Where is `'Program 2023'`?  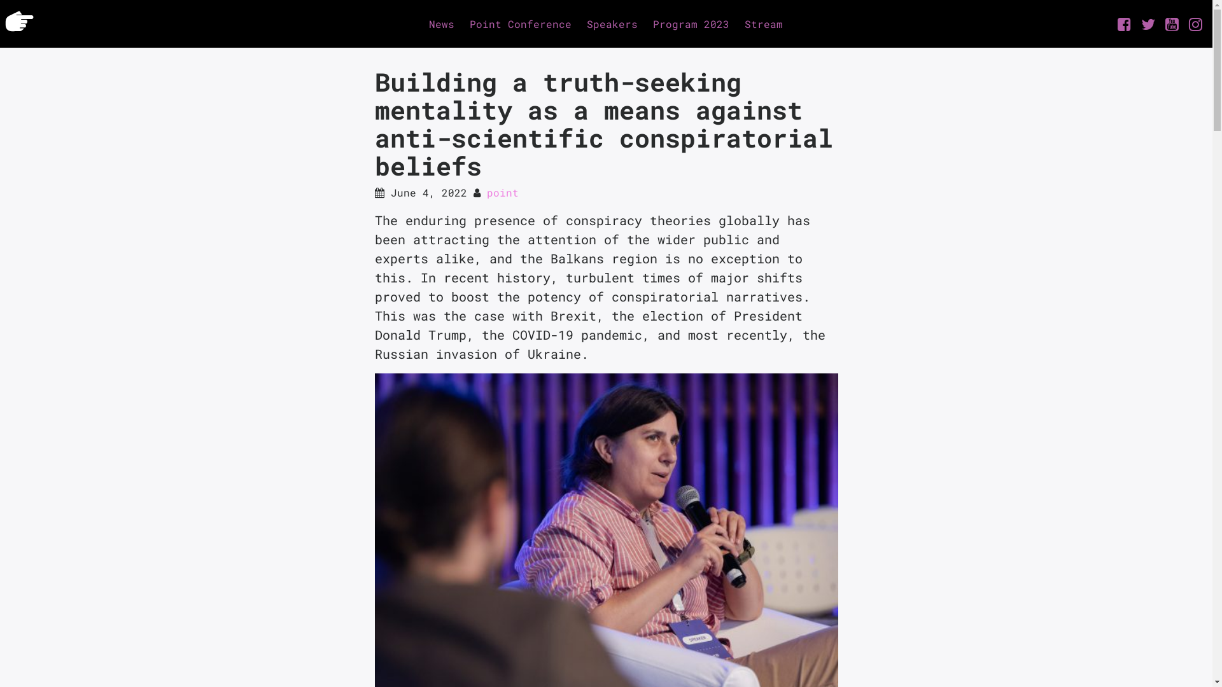
'Program 2023' is located at coordinates (645, 24).